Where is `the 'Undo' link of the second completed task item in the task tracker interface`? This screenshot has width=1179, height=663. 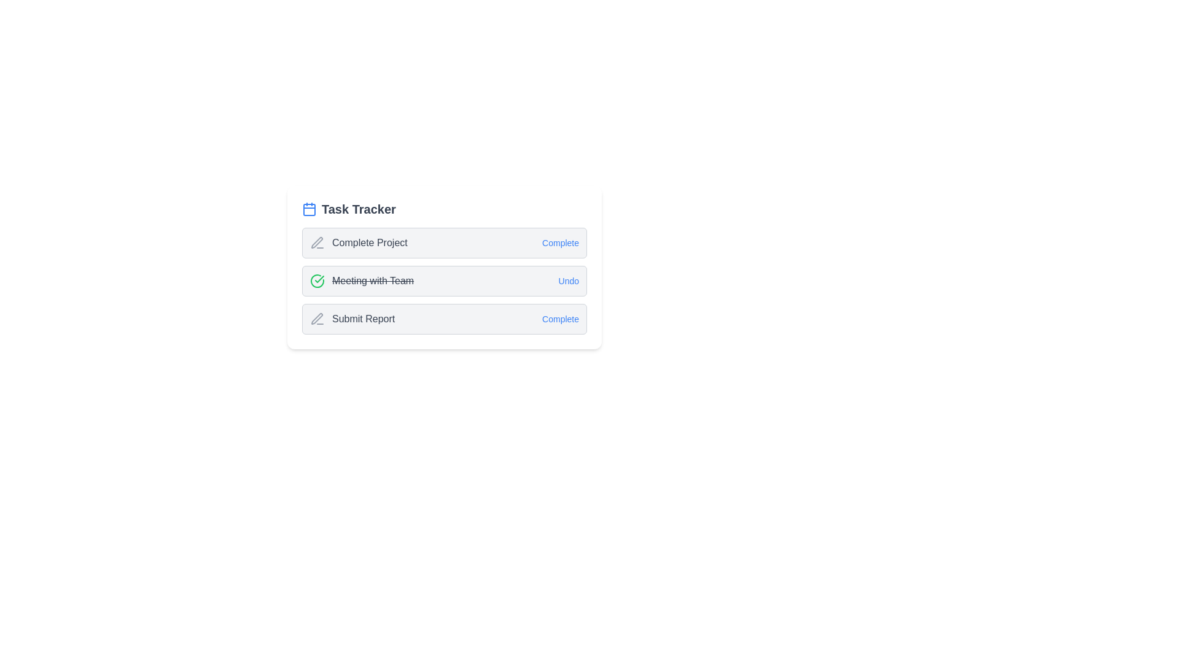 the 'Undo' link of the second completed task item in the task tracker interface is located at coordinates (444, 281).